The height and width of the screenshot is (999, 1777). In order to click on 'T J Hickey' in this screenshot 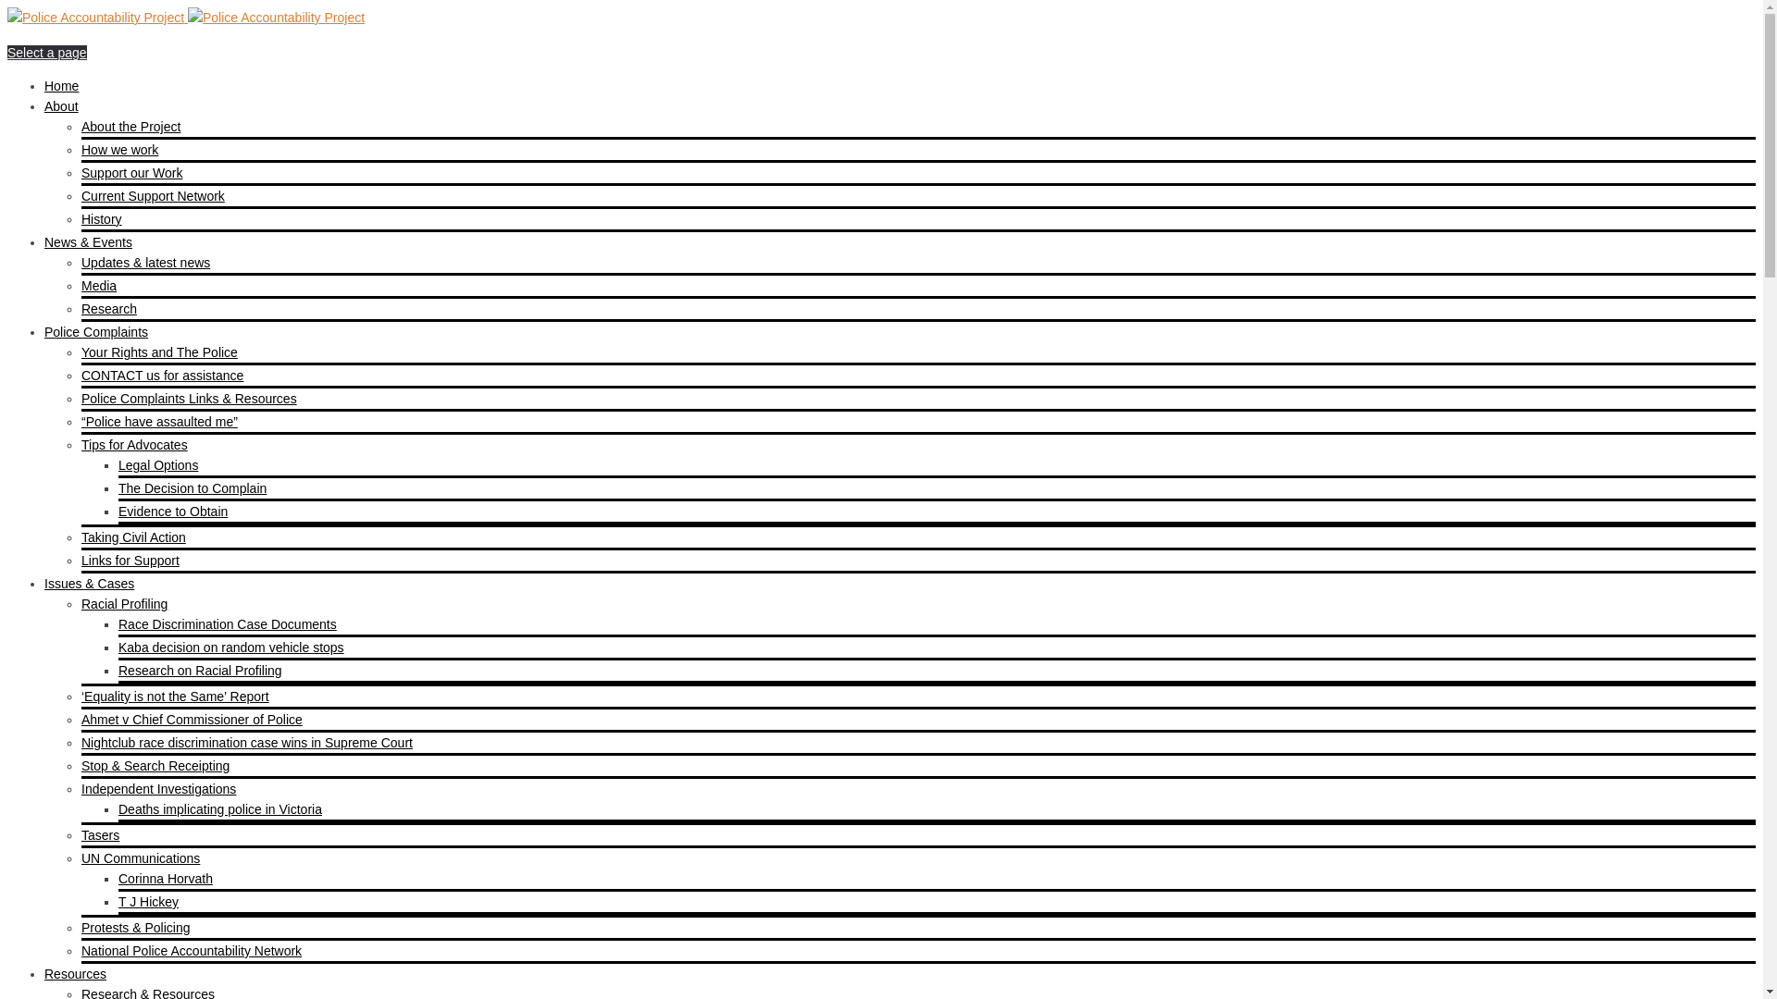, I will do `click(148, 901)`.